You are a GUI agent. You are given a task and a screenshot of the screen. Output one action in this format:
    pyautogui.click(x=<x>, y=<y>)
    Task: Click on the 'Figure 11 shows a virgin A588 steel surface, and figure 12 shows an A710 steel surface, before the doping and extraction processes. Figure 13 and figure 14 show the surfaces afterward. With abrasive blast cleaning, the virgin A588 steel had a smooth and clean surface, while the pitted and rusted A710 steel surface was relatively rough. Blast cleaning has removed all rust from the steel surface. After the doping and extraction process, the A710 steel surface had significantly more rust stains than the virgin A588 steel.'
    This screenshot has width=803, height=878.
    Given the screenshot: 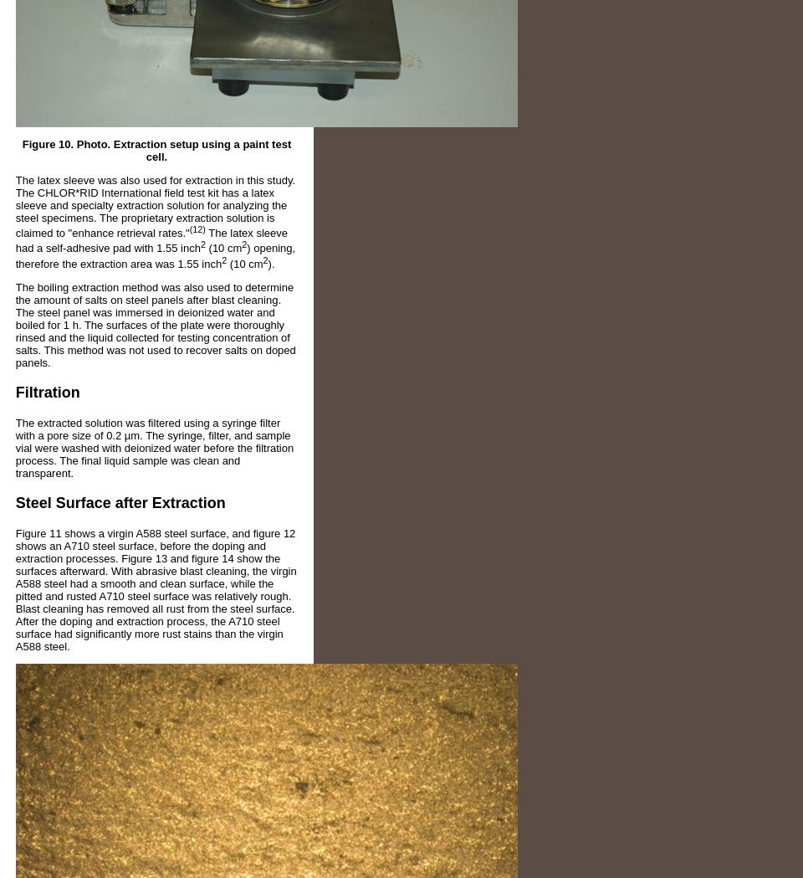 What is the action you would take?
    pyautogui.click(x=156, y=590)
    